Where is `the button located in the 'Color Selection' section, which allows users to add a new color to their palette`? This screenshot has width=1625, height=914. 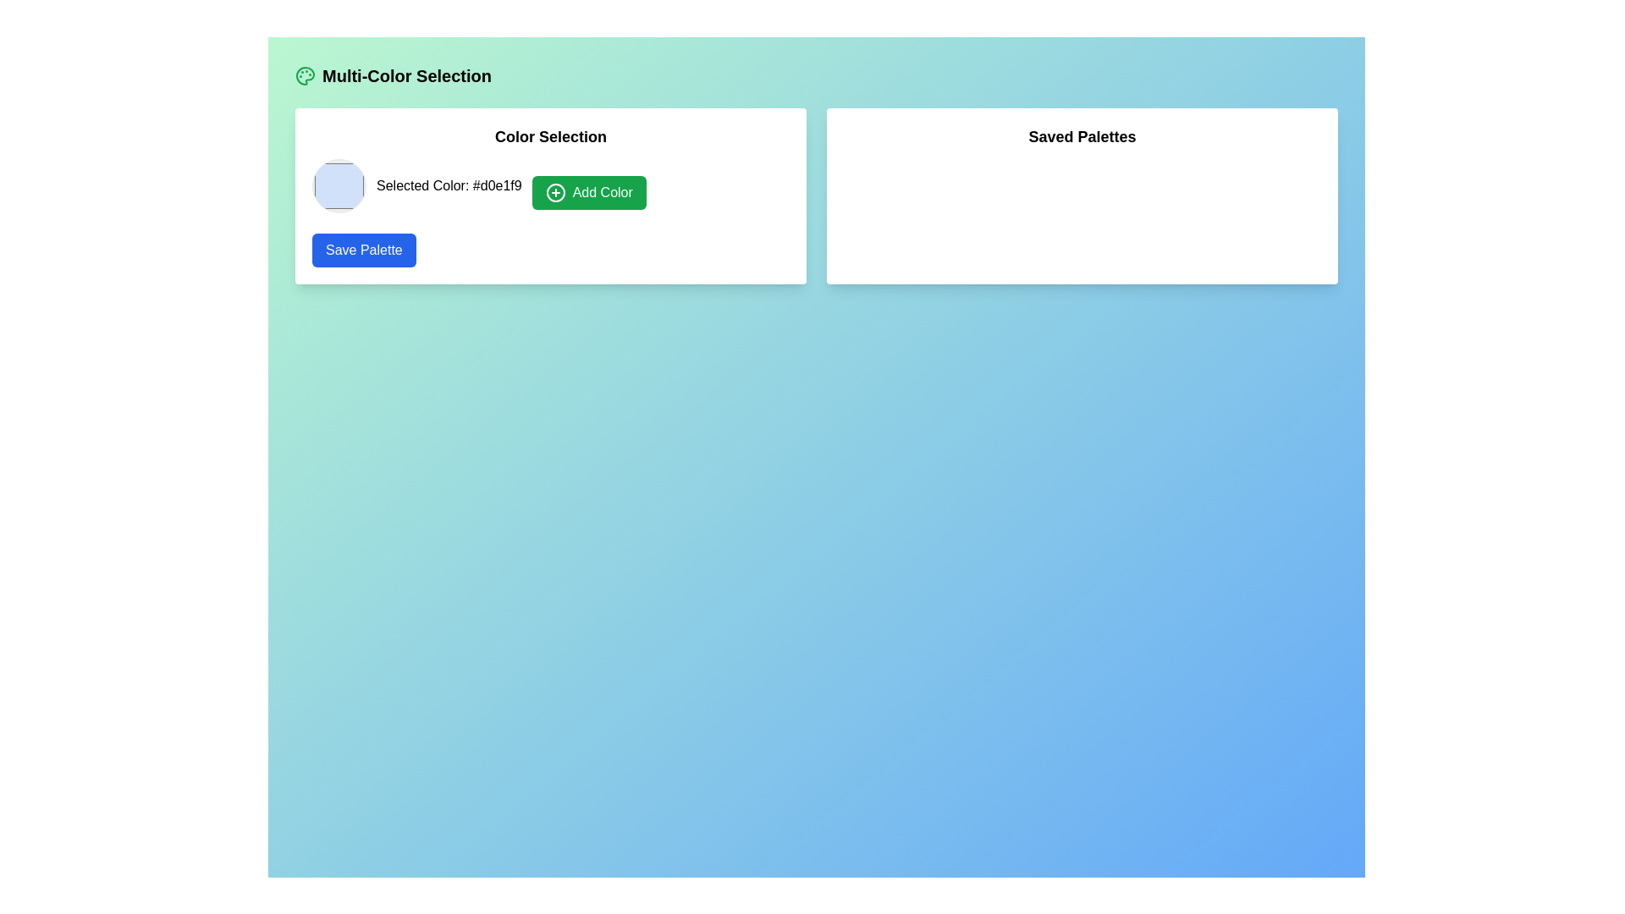
the button located in the 'Color Selection' section, which allows users to add a new color to their palette is located at coordinates (589, 191).